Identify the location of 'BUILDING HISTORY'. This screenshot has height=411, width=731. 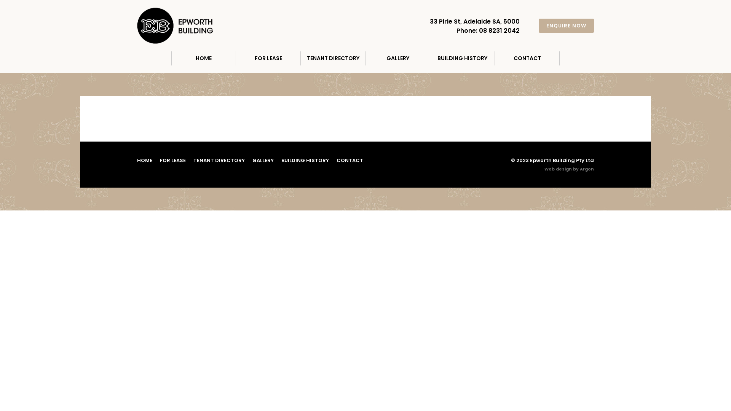
(281, 160).